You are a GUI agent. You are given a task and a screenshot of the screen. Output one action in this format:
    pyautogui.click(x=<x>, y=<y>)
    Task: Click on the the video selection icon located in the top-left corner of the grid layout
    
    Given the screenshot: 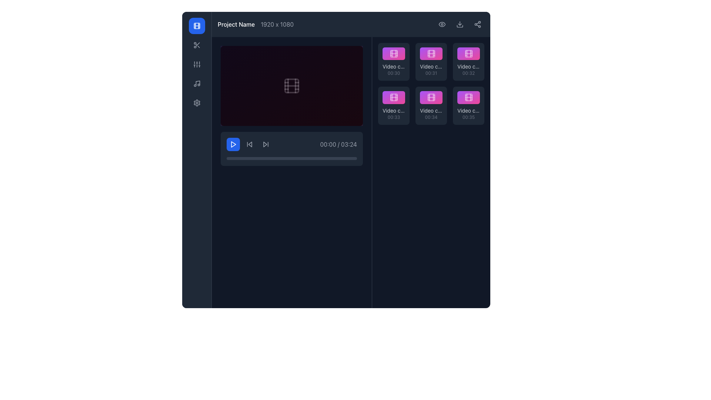 What is the action you would take?
    pyautogui.click(x=393, y=53)
    